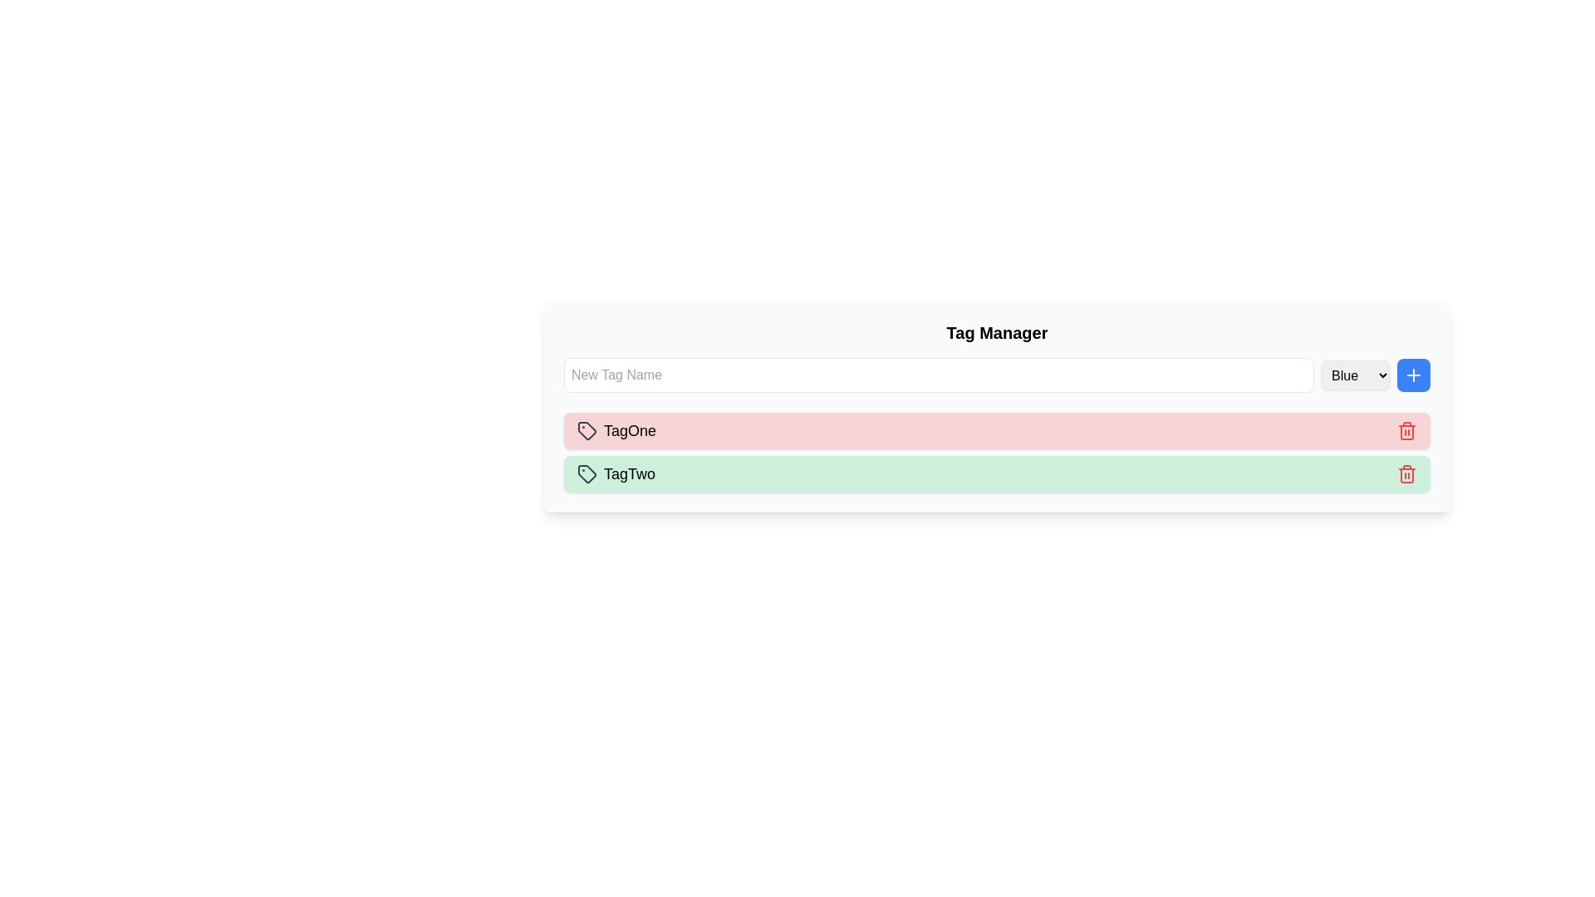 The image size is (1595, 897). What do you see at coordinates (629, 430) in the screenshot?
I see `the text 'TagOne' displayed prominently in a large font for copying or other actions` at bounding box center [629, 430].